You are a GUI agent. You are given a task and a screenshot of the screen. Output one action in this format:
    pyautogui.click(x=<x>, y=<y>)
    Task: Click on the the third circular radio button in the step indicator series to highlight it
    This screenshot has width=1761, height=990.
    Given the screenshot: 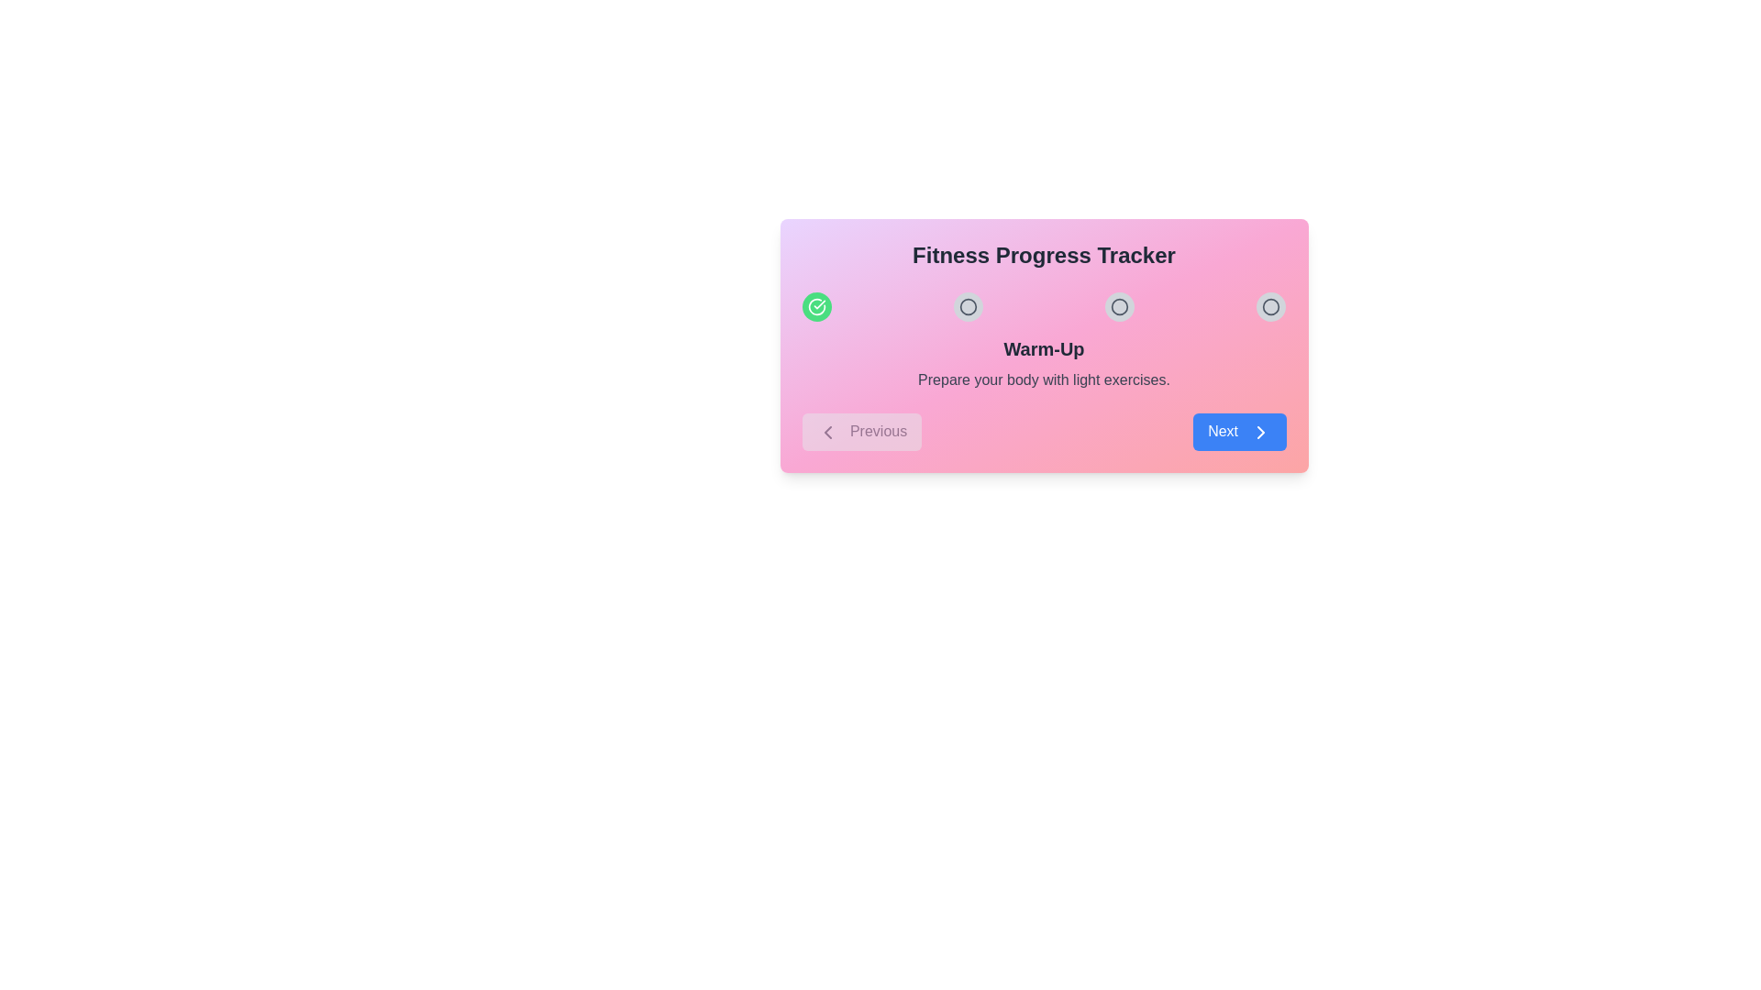 What is the action you would take?
    pyautogui.click(x=1270, y=306)
    